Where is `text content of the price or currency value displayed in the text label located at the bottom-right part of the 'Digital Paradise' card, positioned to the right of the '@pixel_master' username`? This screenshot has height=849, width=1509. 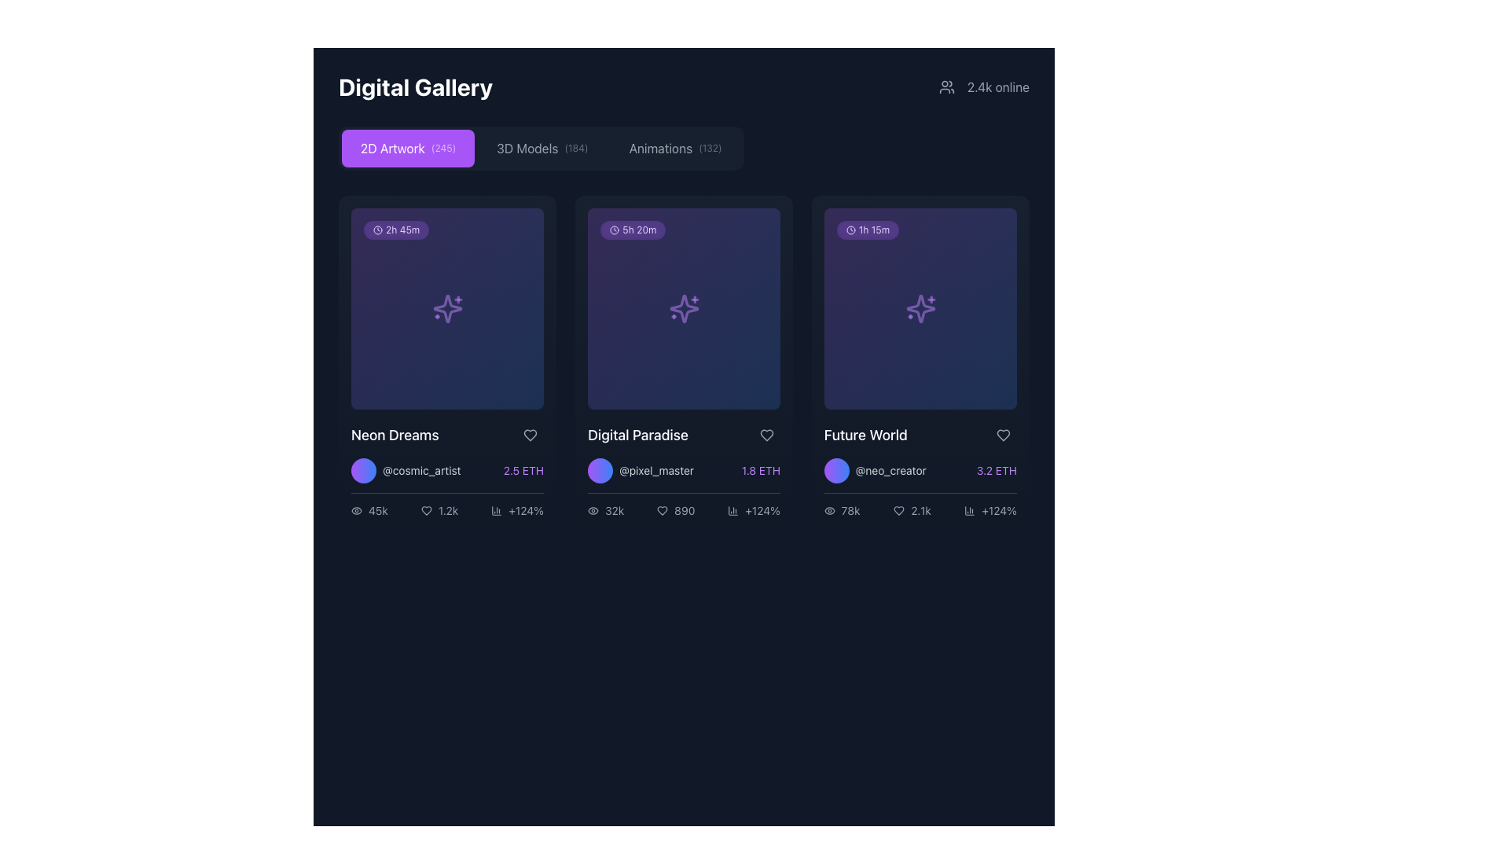 text content of the price or currency value displayed in the text label located at the bottom-right part of the 'Digital Paradise' card, positioned to the right of the '@pixel_master' username is located at coordinates (761, 469).